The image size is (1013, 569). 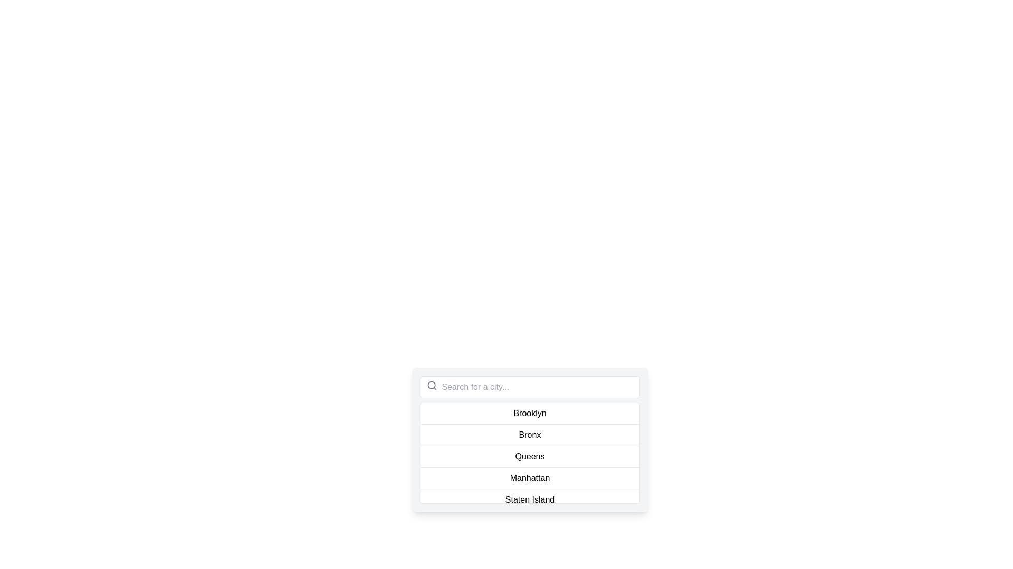 I want to click on the third list item labeled 'Queens', so click(x=530, y=457).